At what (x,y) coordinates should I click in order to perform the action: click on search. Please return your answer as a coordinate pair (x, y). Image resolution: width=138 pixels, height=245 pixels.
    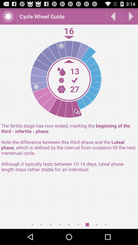
    Looking at the image, I should click on (130, 16).